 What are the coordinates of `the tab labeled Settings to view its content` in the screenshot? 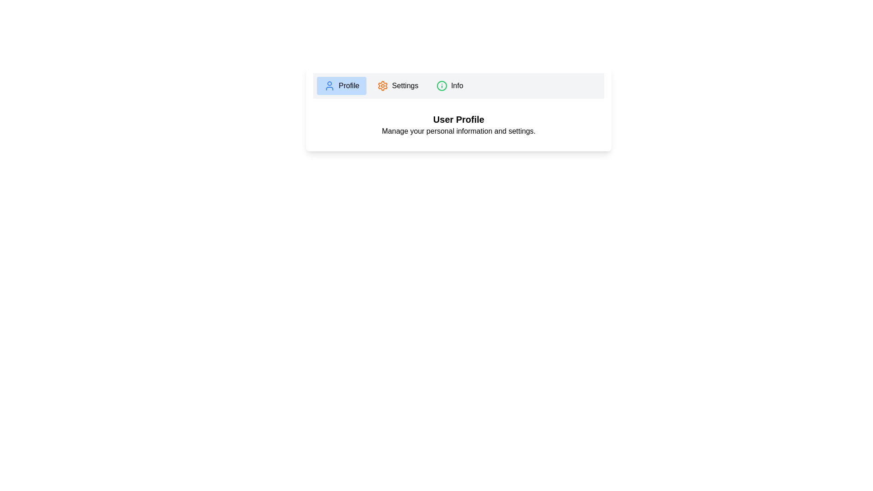 It's located at (398, 86).